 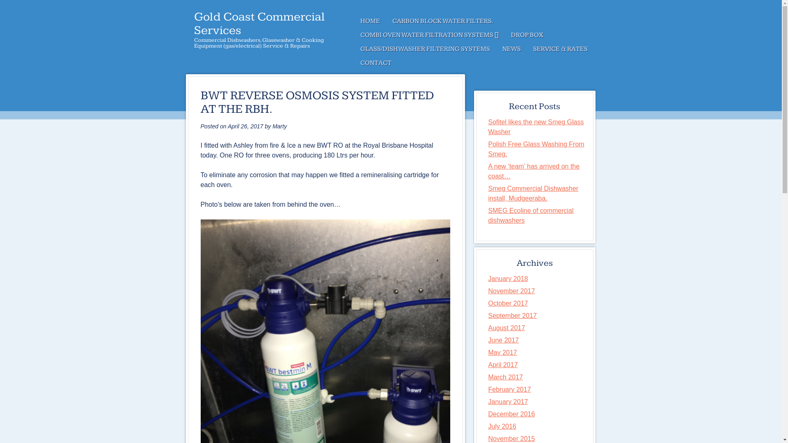 I want to click on 'NEWS', so click(x=495, y=49).